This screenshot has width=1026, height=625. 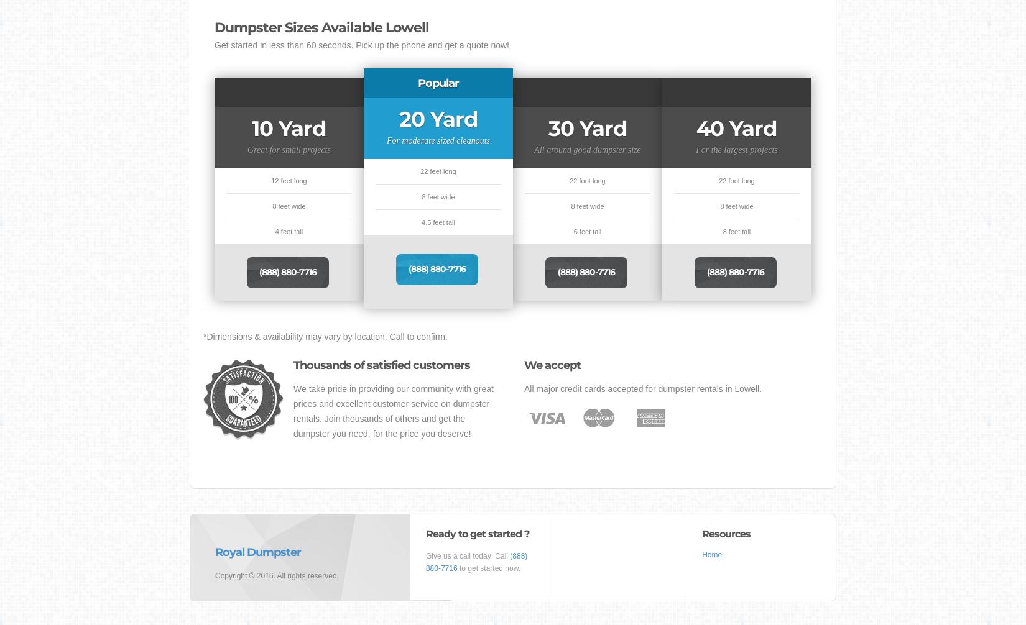 I want to click on '8 feet tall', so click(x=736, y=231).